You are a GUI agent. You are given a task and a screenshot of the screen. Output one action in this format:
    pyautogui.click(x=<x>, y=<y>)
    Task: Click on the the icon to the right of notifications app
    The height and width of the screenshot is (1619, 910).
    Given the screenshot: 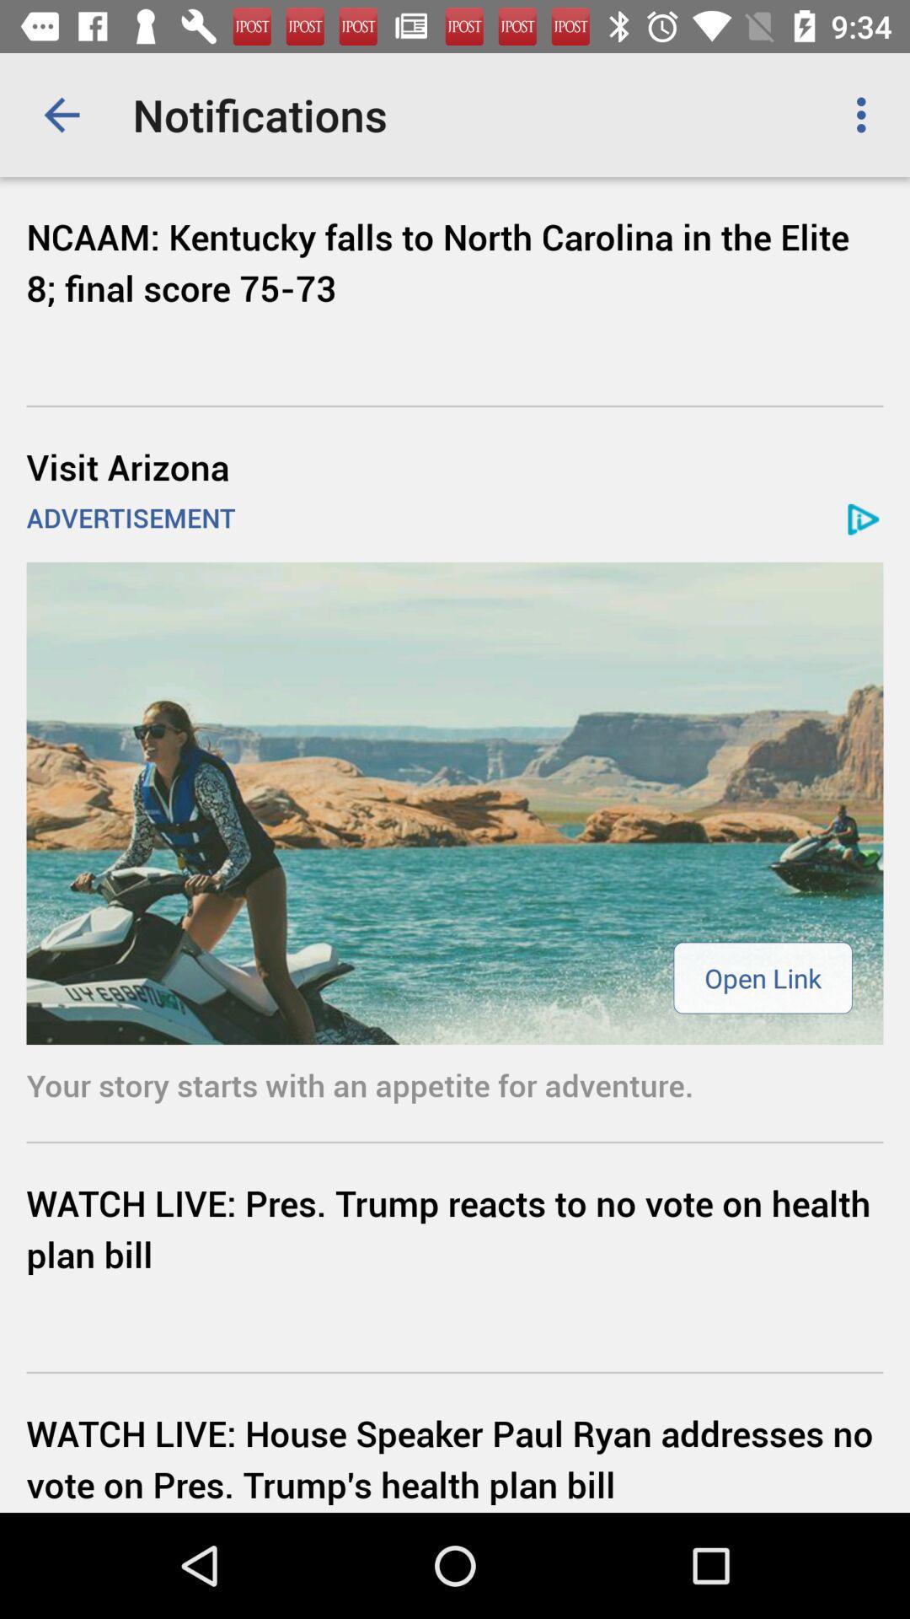 What is the action you would take?
    pyautogui.click(x=865, y=114)
    